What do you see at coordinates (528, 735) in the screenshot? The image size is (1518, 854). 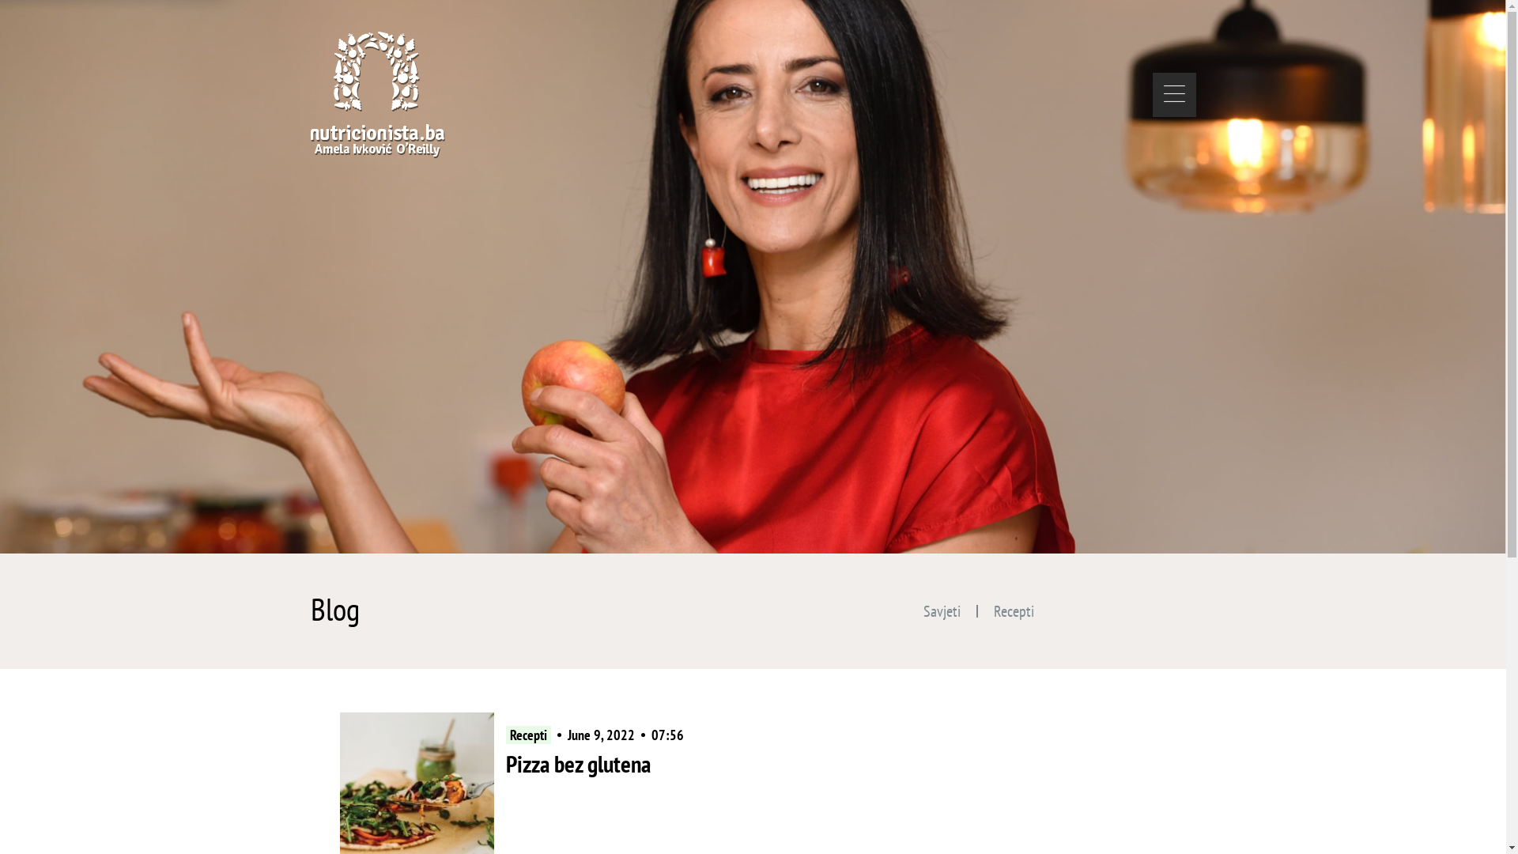 I see `'Recepti'` at bounding box center [528, 735].